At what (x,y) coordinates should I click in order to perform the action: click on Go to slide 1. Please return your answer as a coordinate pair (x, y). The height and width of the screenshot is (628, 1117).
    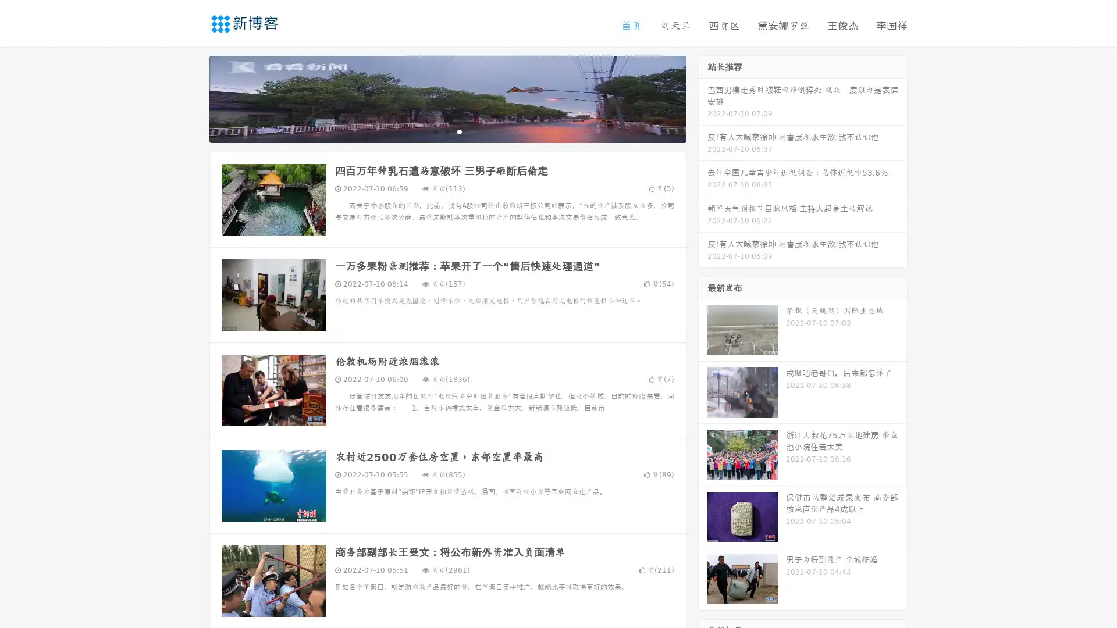
    Looking at the image, I should click on (435, 131).